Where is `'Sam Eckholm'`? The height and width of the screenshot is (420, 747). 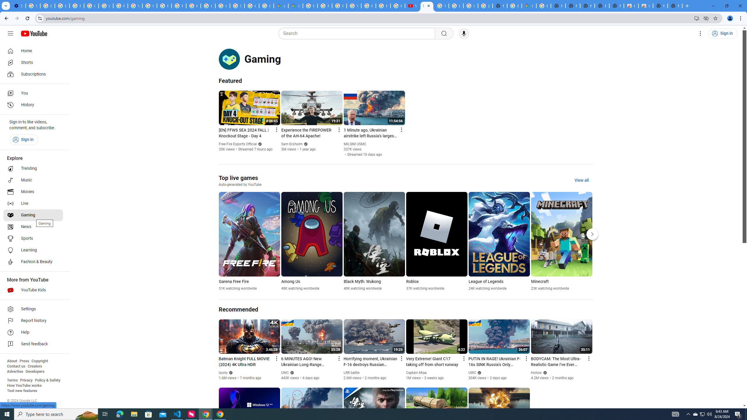 'Sam Eckholm' is located at coordinates (291, 144).